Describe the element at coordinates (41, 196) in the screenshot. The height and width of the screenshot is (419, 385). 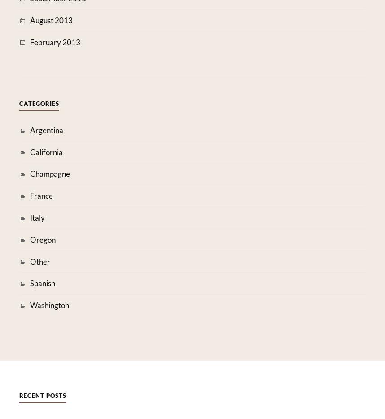
I see `'France'` at that location.